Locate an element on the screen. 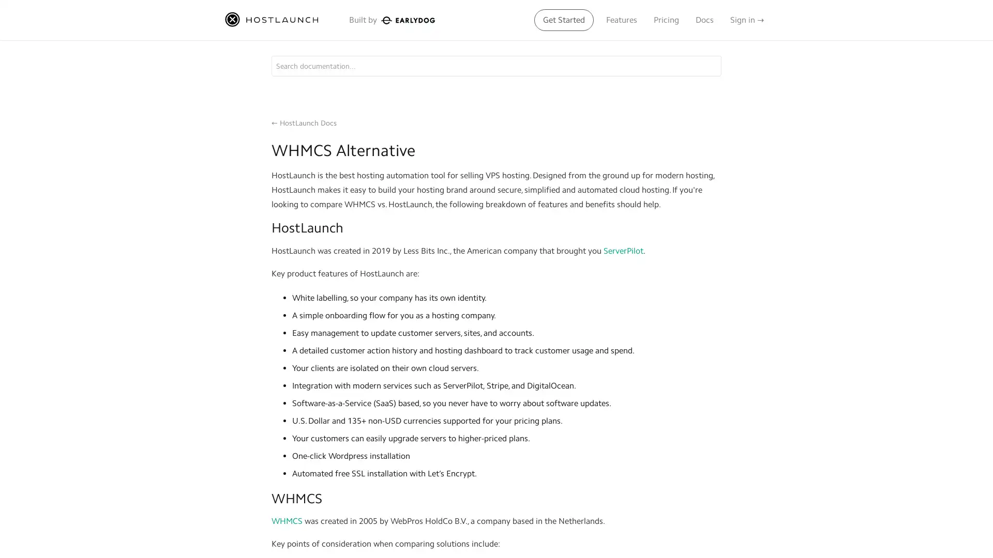 The height and width of the screenshot is (558, 993). Sign in is located at coordinates (747, 20).